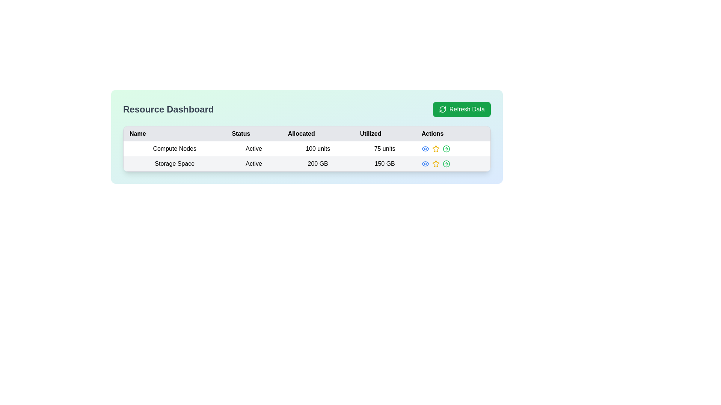 Image resolution: width=721 pixels, height=405 pixels. Describe the element at coordinates (174, 149) in the screenshot. I see `the 'Compute Nodes' text label located in the first row and first column of a table-like layout` at that location.